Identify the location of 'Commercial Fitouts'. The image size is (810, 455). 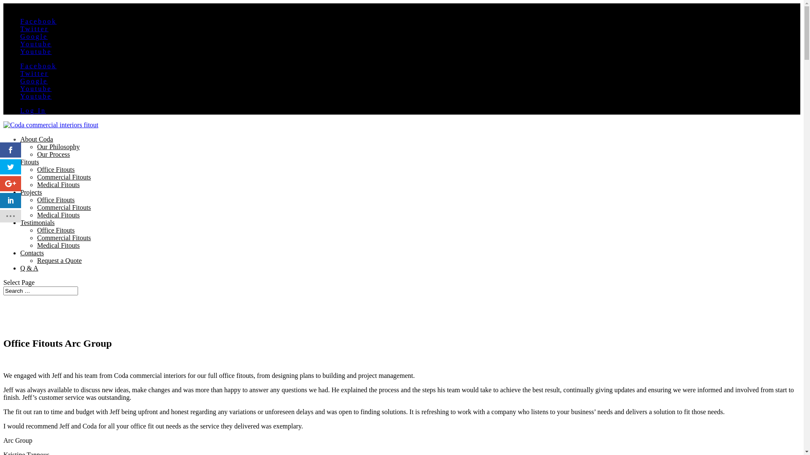
(64, 207).